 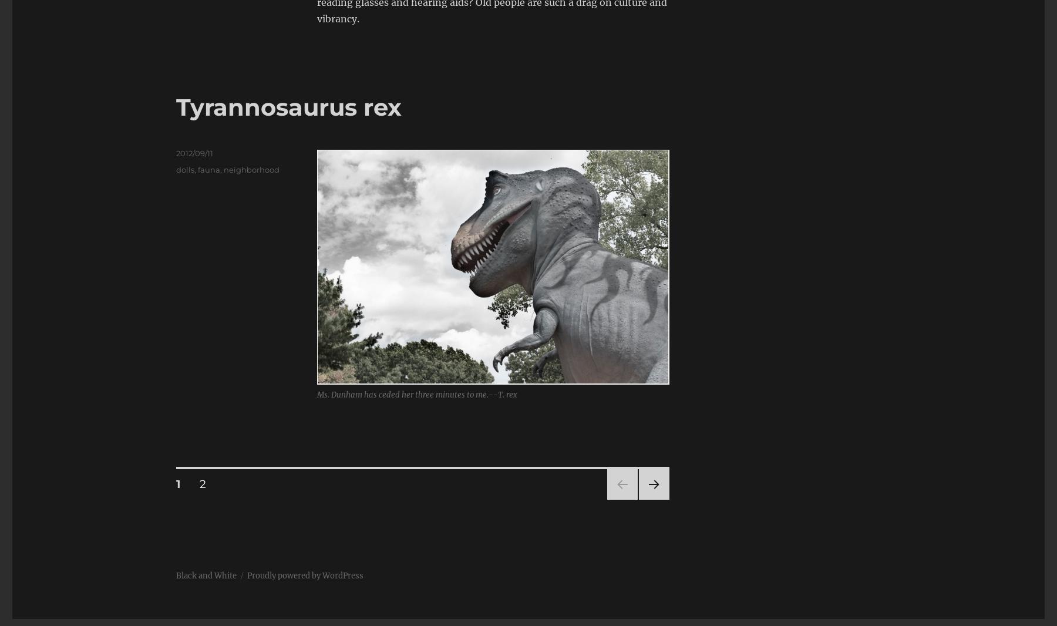 What do you see at coordinates (288, 106) in the screenshot?
I see `'Tyrannosaurus rex'` at bounding box center [288, 106].